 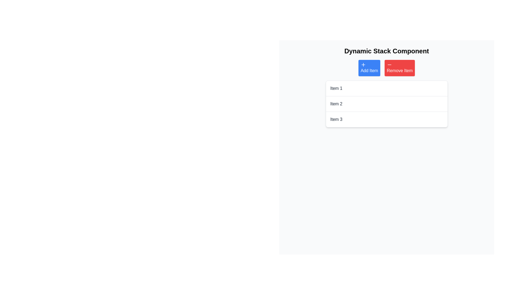 What do you see at coordinates (389, 65) in the screenshot?
I see `the styling of the minus icon within the red 'Remove Item' button, which is the second button in the interface` at bounding box center [389, 65].